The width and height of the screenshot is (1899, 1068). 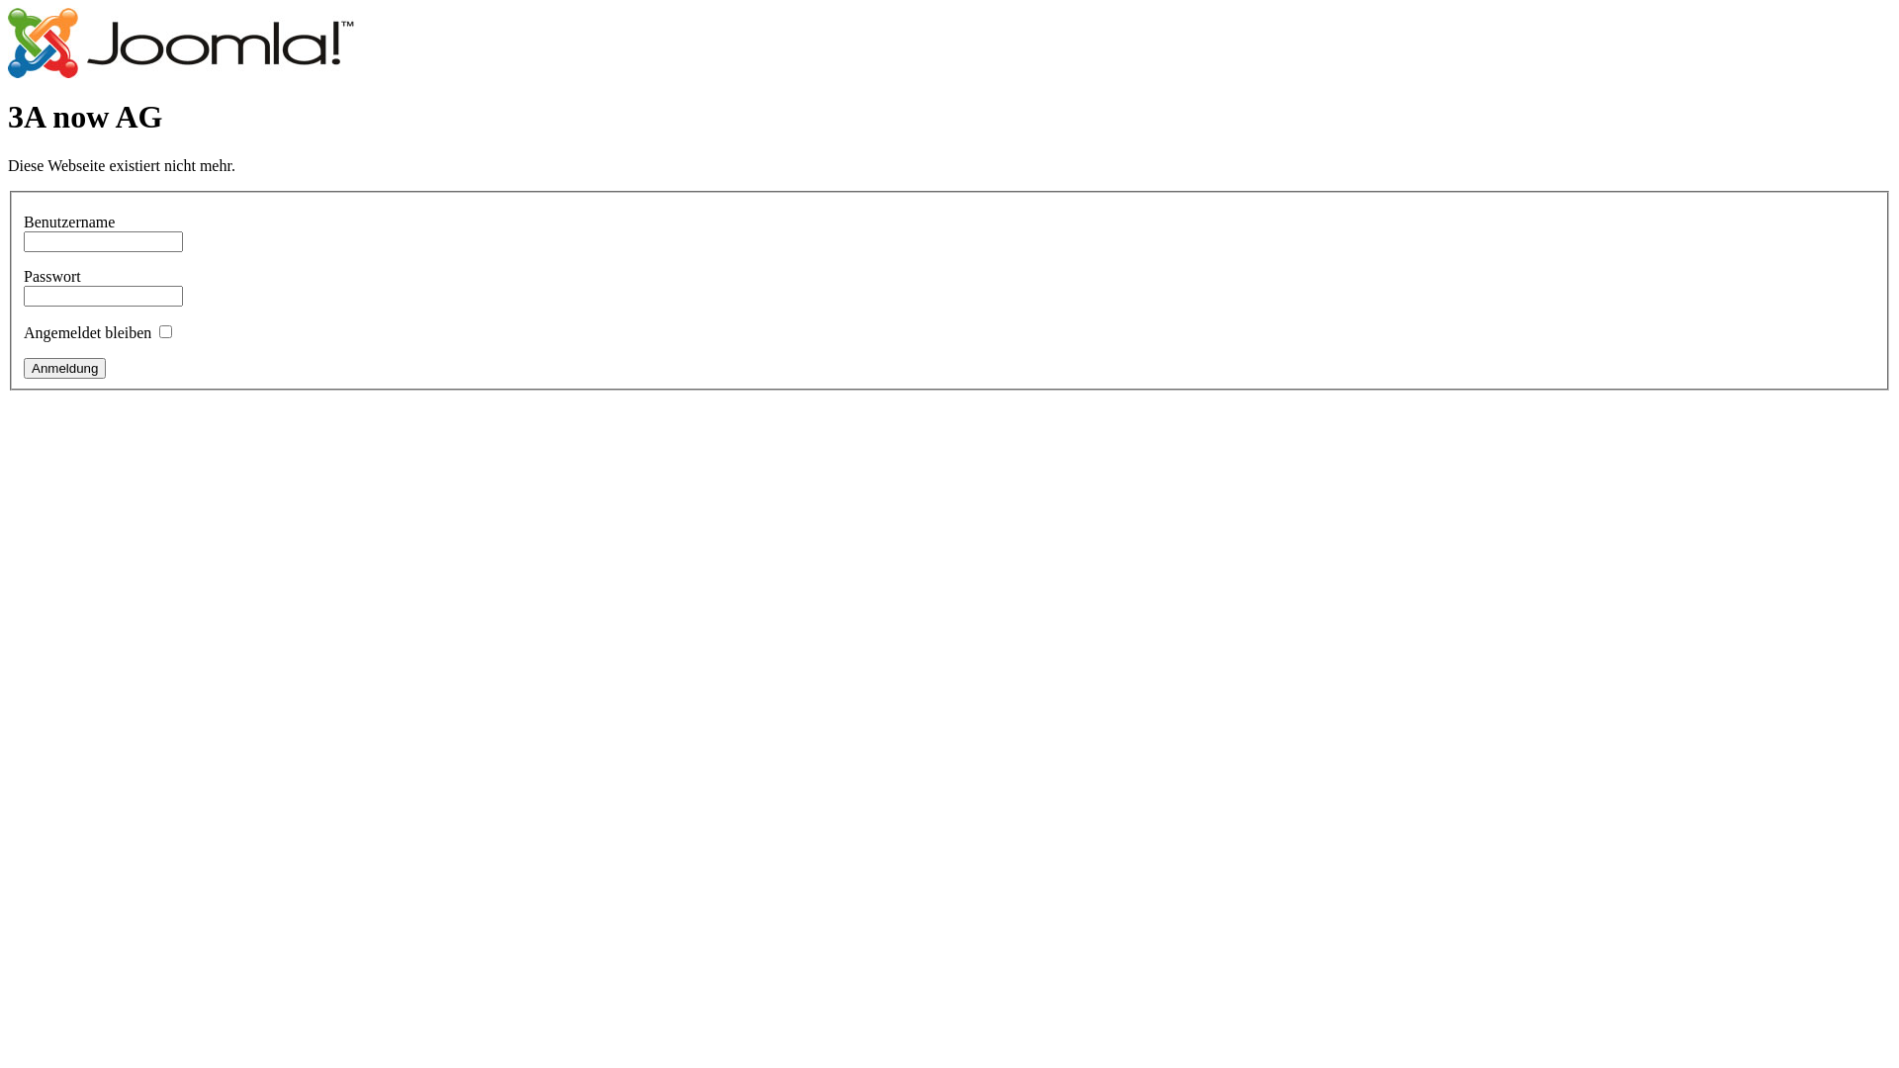 What do you see at coordinates (64, 368) in the screenshot?
I see `'Anmeldung'` at bounding box center [64, 368].